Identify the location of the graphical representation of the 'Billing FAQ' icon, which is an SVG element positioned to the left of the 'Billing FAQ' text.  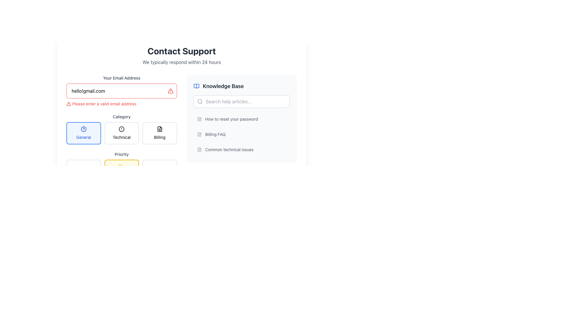
(199, 134).